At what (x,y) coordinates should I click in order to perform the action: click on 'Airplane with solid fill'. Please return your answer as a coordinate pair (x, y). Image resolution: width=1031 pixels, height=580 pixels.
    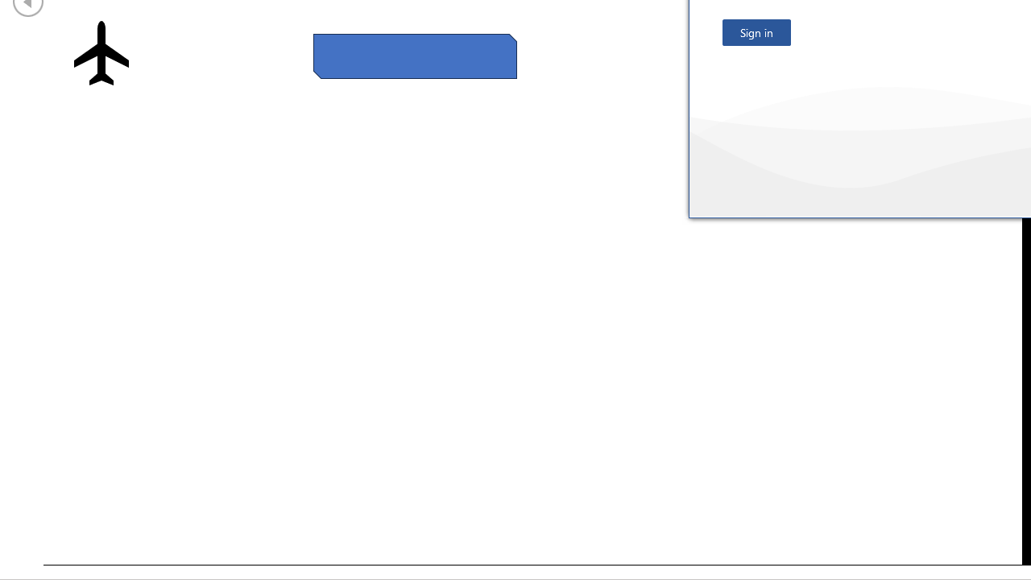
    Looking at the image, I should click on (101, 52).